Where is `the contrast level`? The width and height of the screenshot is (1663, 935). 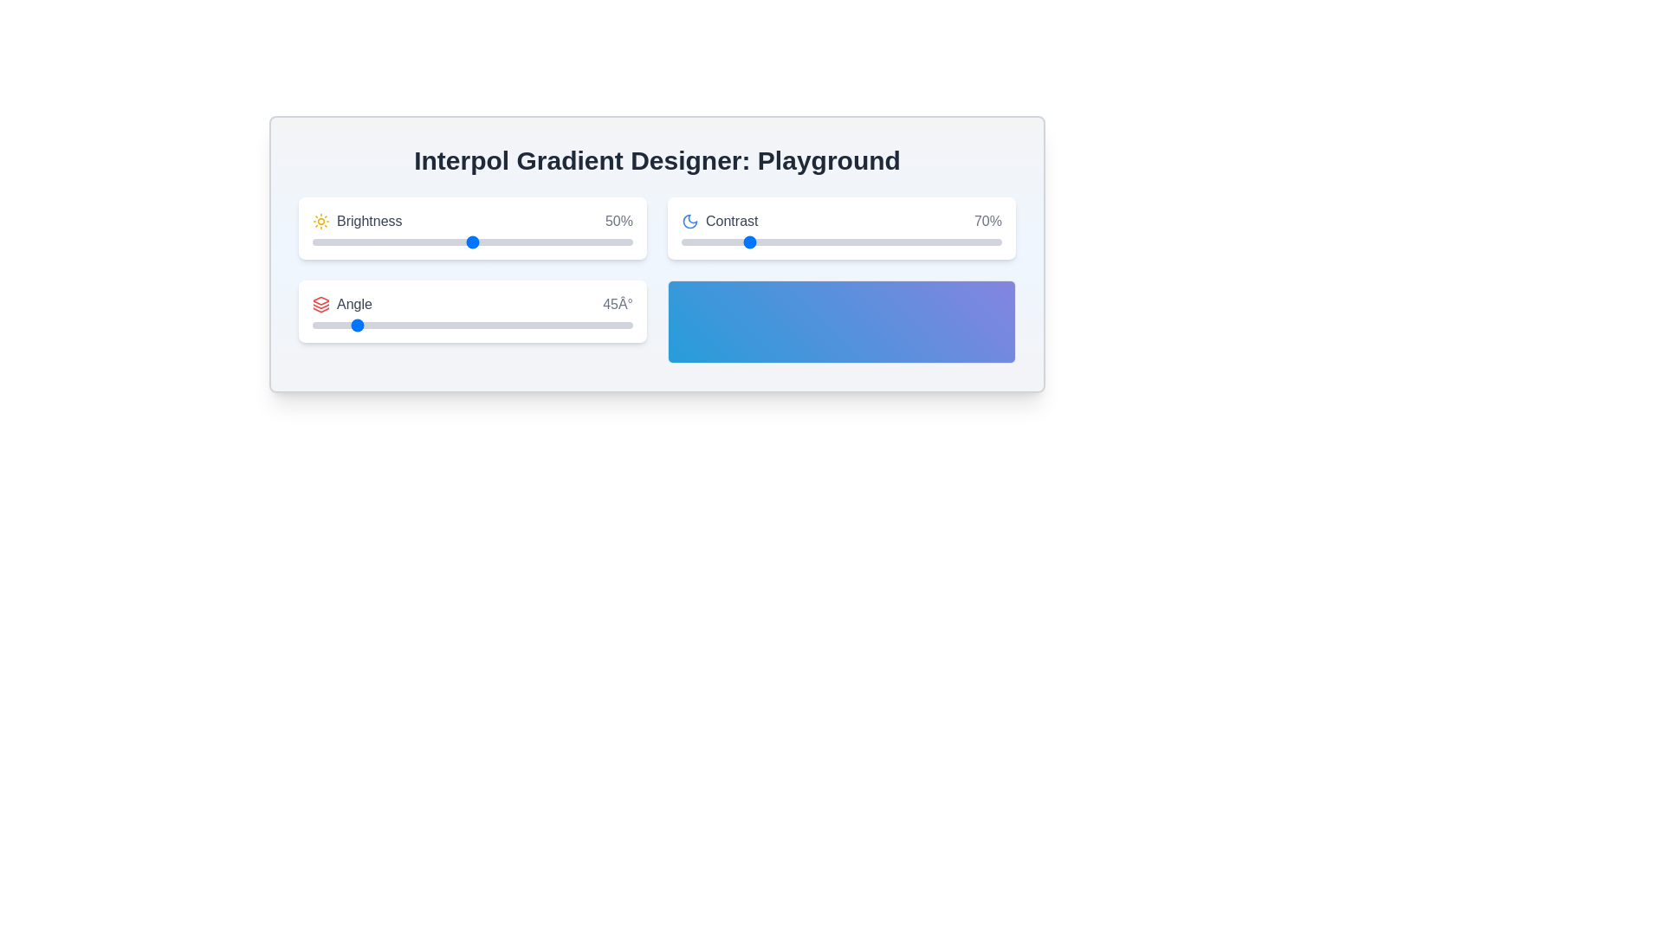 the contrast level is located at coordinates (786, 242).